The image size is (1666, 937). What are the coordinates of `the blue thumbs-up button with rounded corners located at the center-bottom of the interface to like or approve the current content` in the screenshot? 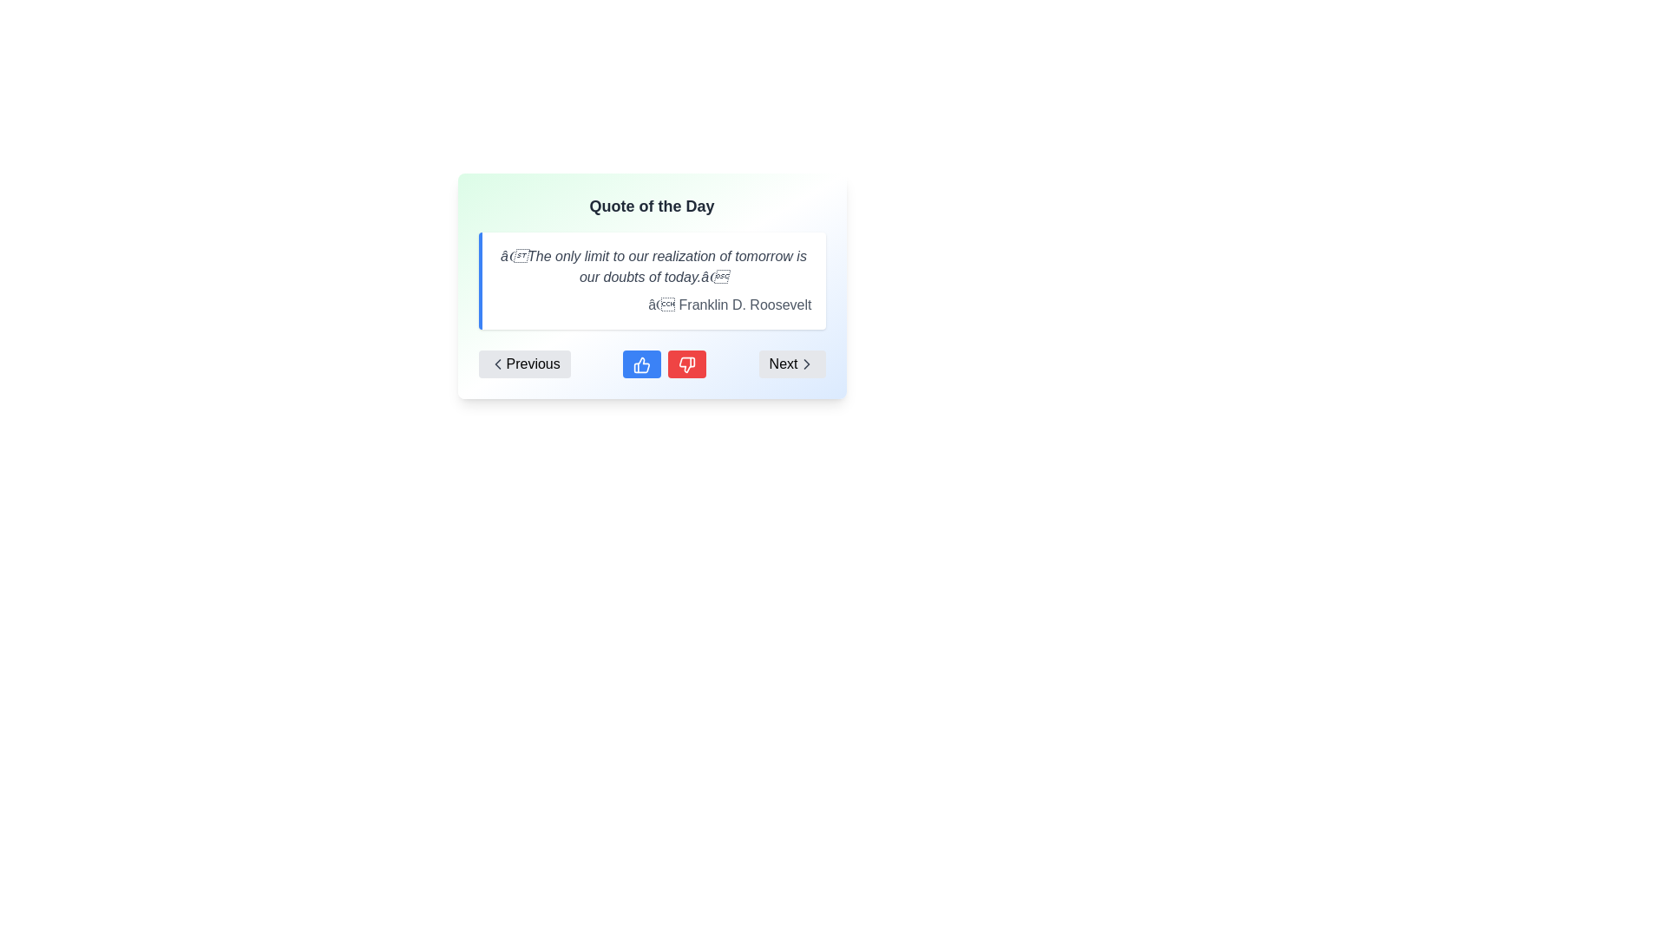 It's located at (641, 364).